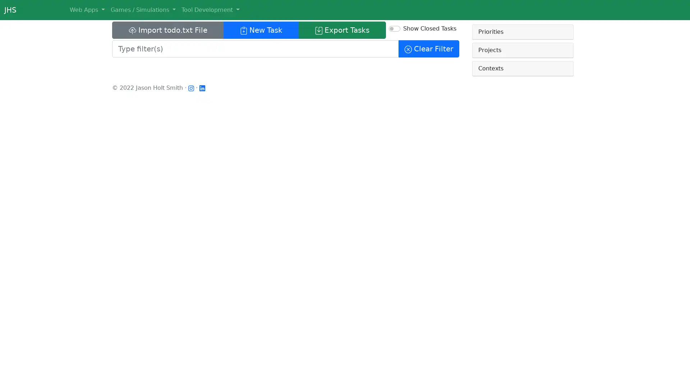 The height and width of the screenshot is (388, 690). What do you see at coordinates (342, 30) in the screenshot?
I see `save tasks to file` at bounding box center [342, 30].